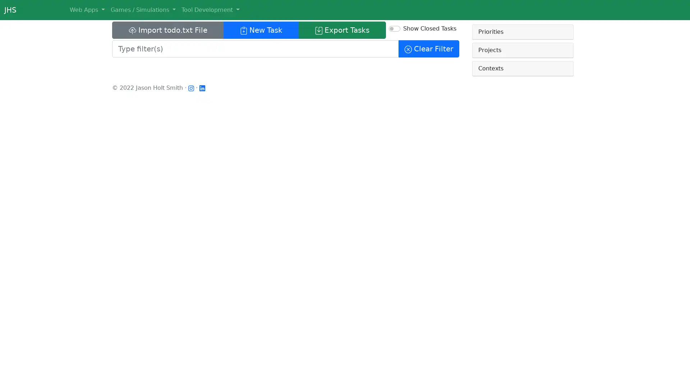 The height and width of the screenshot is (388, 690). What do you see at coordinates (342, 30) in the screenshot?
I see `save tasks to file` at bounding box center [342, 30].